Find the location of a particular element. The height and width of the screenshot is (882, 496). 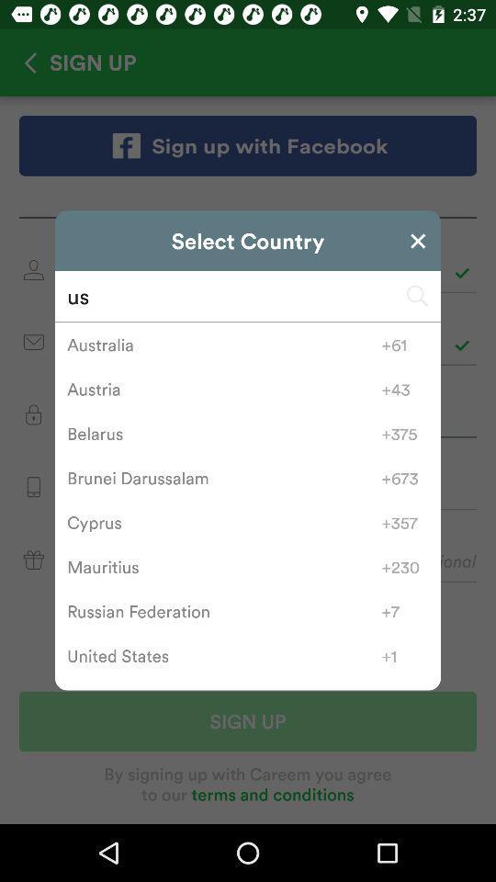

the item to the right of australia item is located at coordinates (405, 344).